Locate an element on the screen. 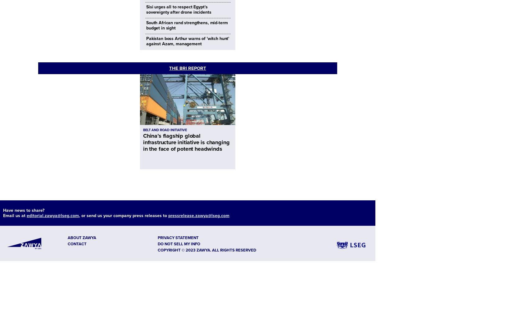 Image resolution: width=507 pixels, height=325 pixels. 'Privacy Statement' is located at coordinates (158, 237).